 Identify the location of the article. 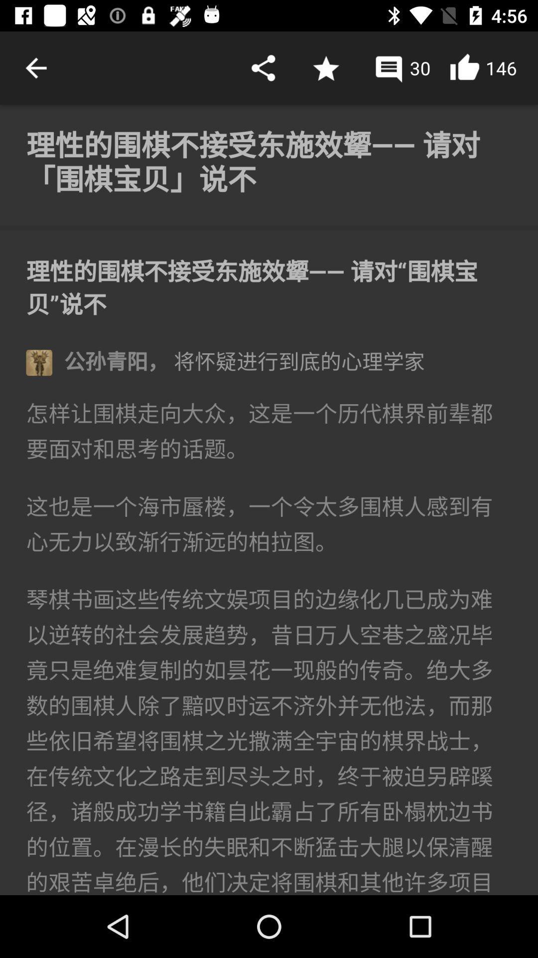
(269, 500).